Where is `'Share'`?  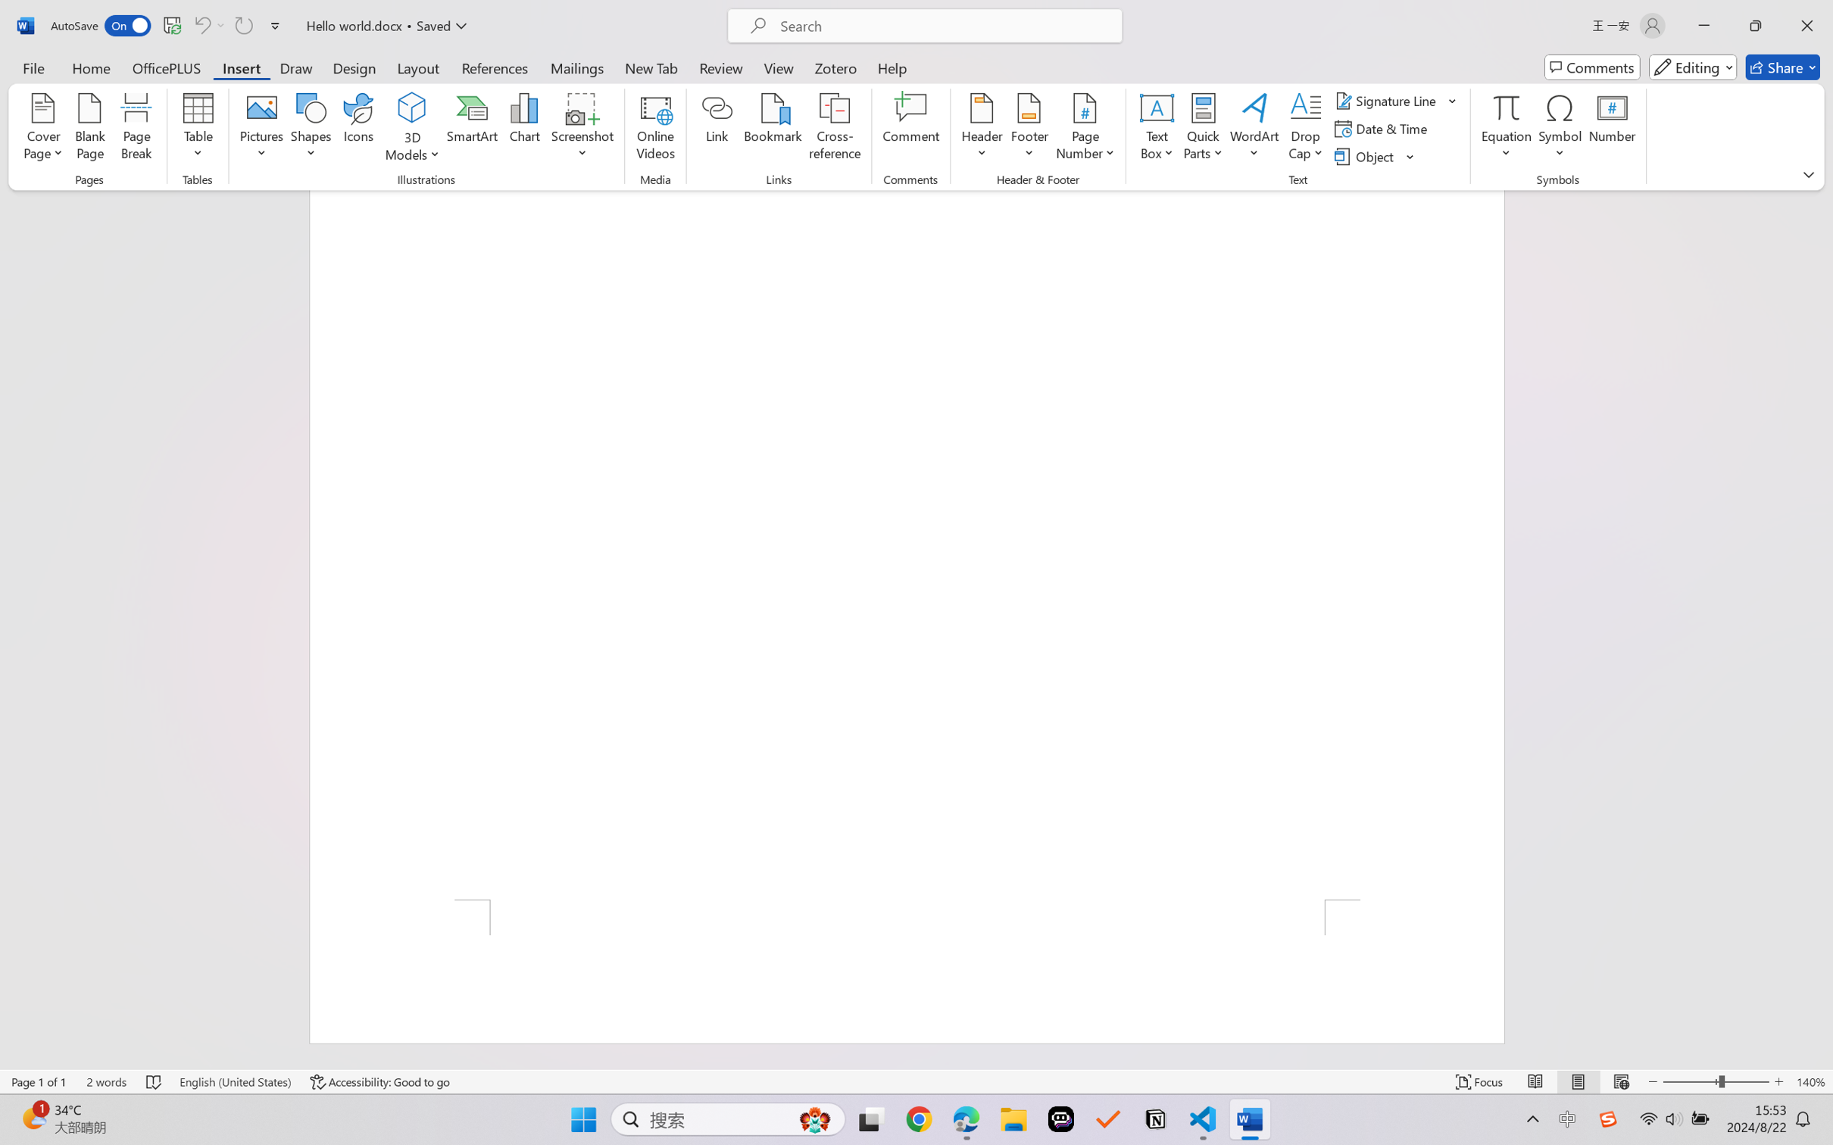
'Share' is located at coordinates (1781, 67).